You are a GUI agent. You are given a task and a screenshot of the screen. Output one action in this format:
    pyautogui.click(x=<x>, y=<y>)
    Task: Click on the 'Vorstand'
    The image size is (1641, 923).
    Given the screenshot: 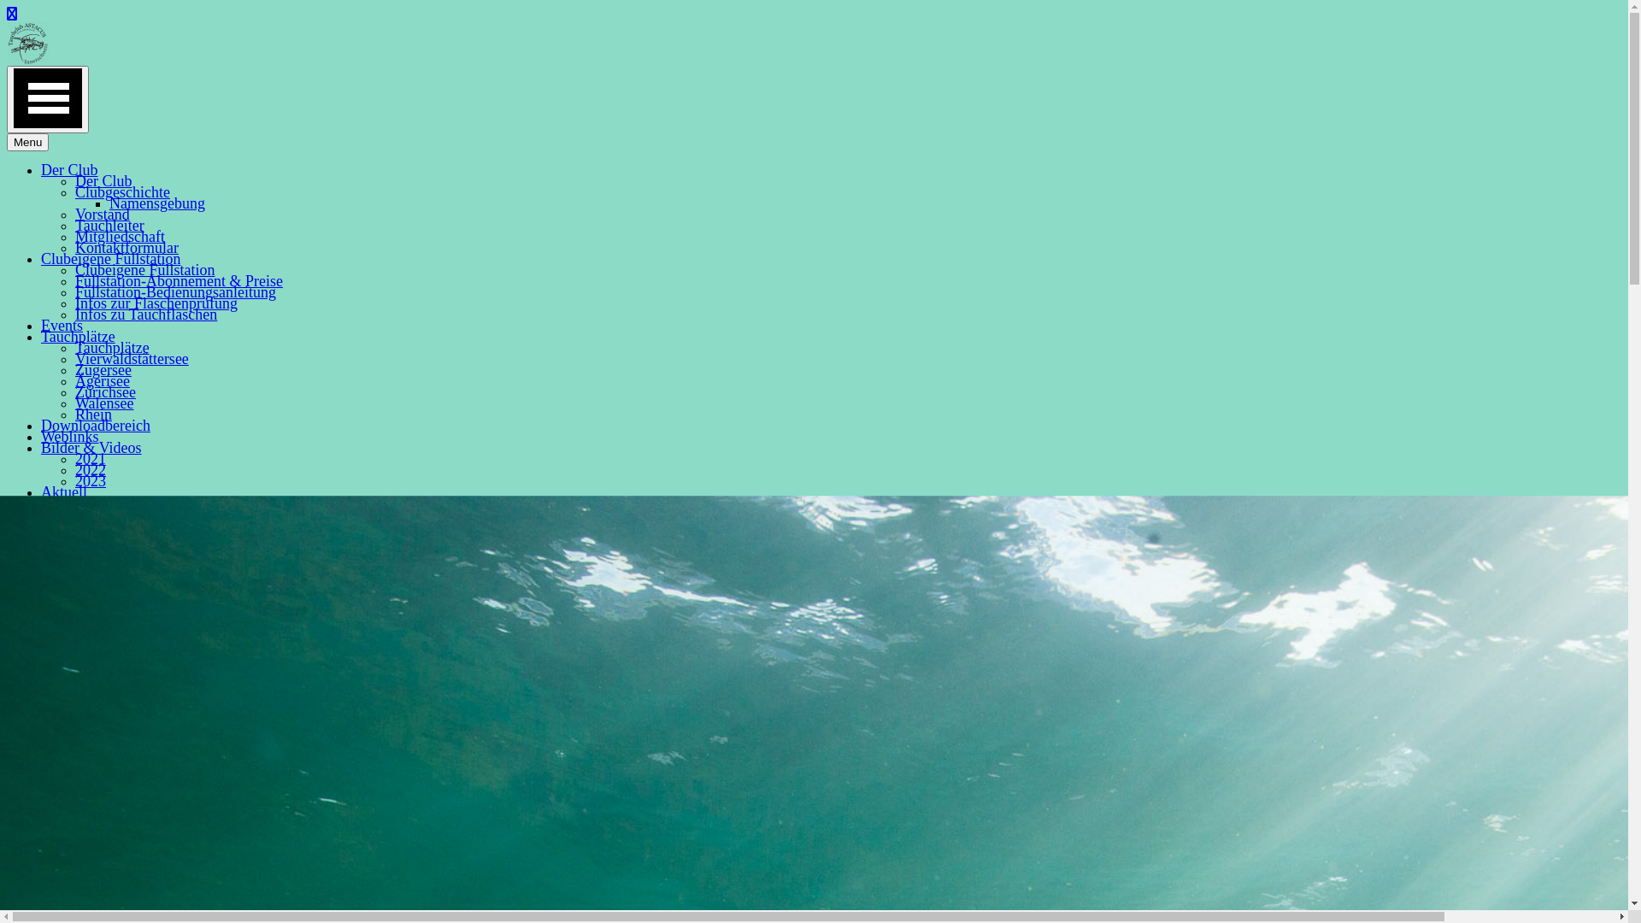 What is the action you would take?
    pyautogui.click(x=102, y=213)
    